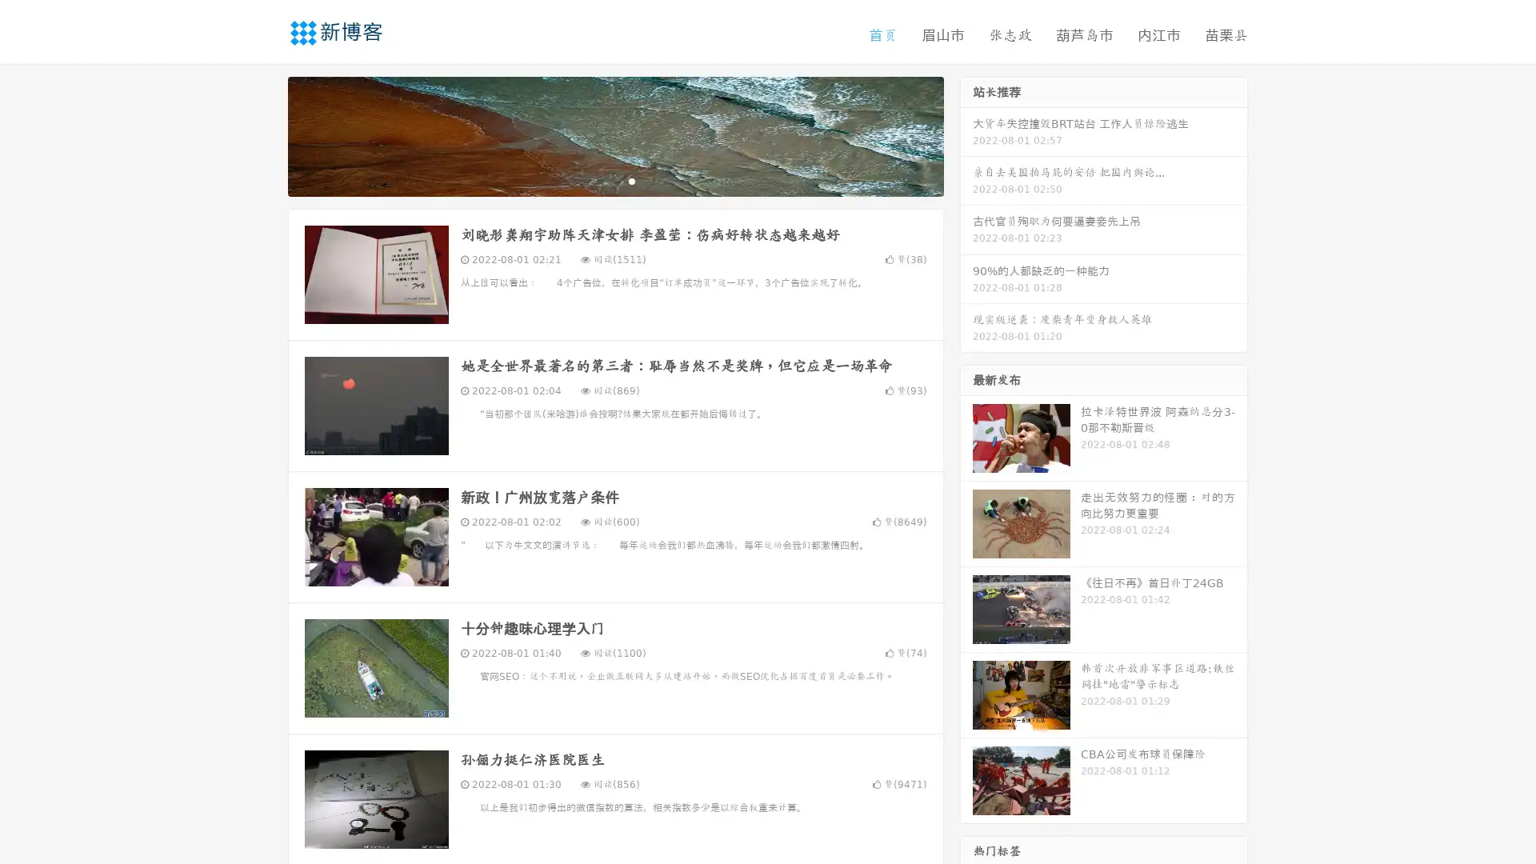 The height and width of the screenshot is (864, 1536). Describe the element at coordinates (598, 180) in the screenshot. I see `Go to slide 1` at that location.